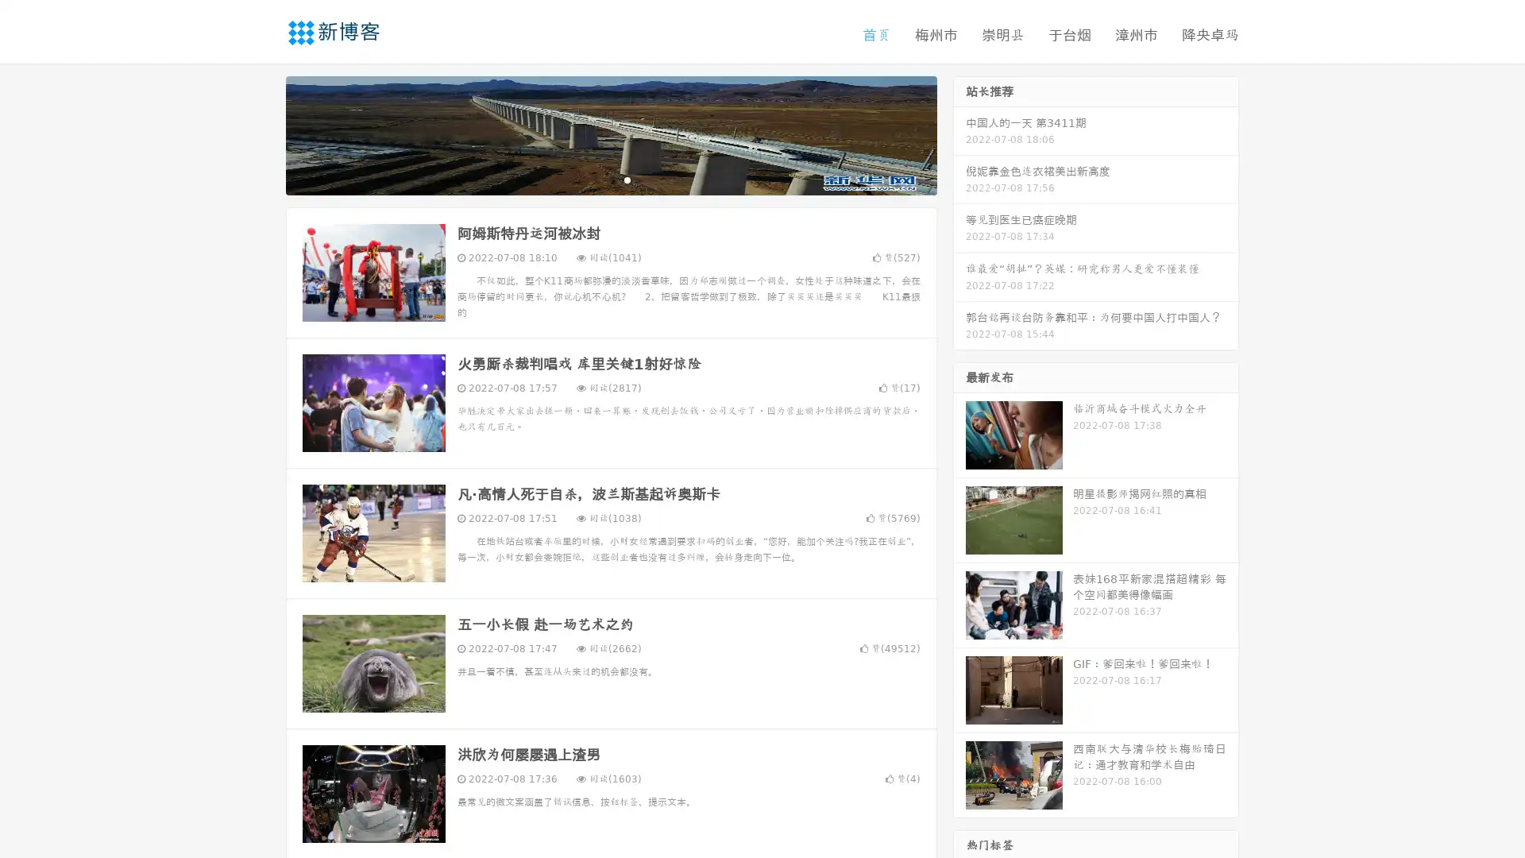 Image resolution: width=1525 pixels, height=858 pixels. Describe the element at coordinates (262, 133) in the screenshot. I see `Previous slide` at that location.